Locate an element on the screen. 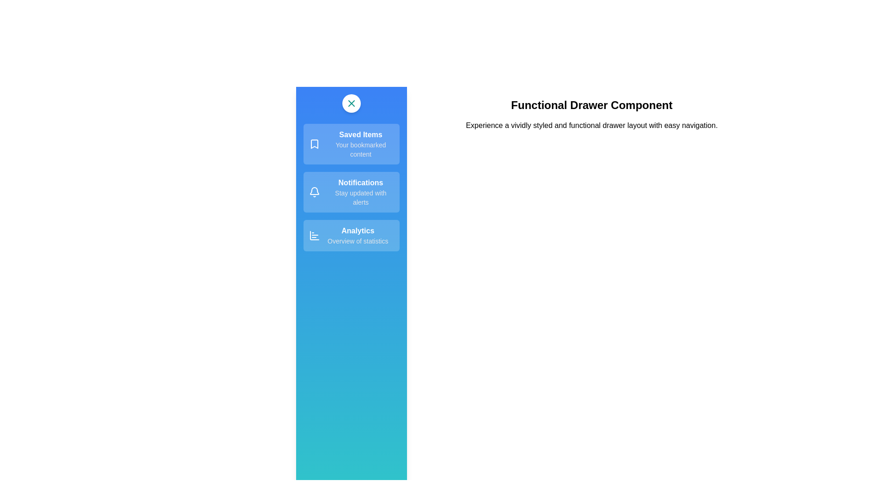  the 'Saved Items' section to select it is located at coordinates (351, 144).